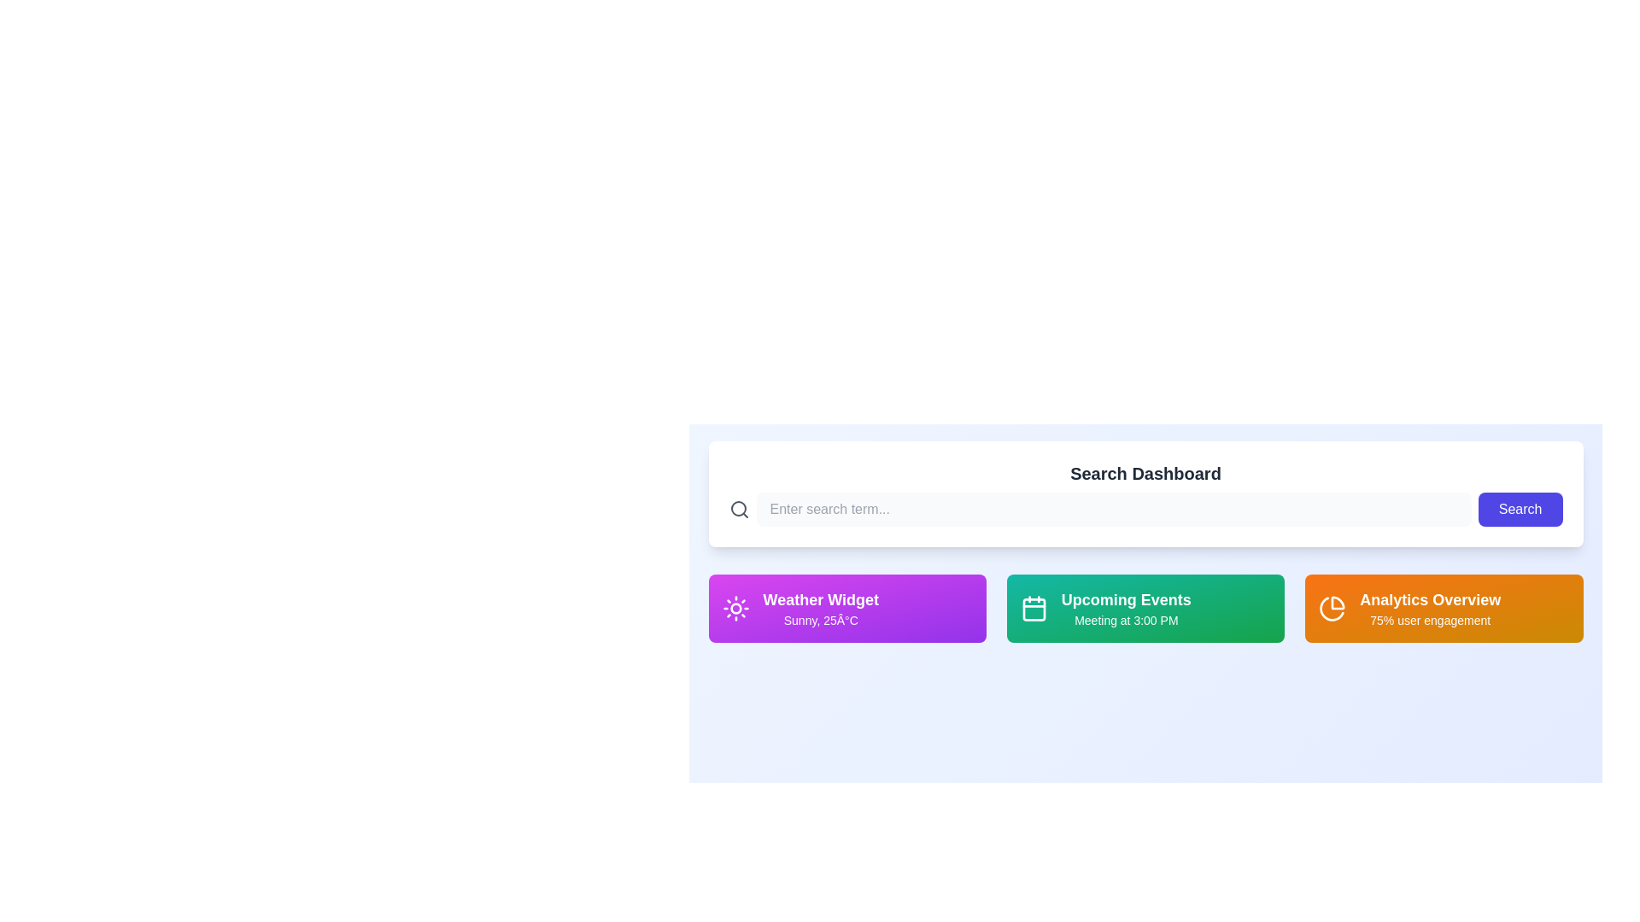  Describe the element at coordinates (1443, 608) in the screenshot. I see `text from the 'Analytics Overview' information card, which features a gradient background and includes the title in white text and a subtitle indicating '75% user engagement'` at that location.